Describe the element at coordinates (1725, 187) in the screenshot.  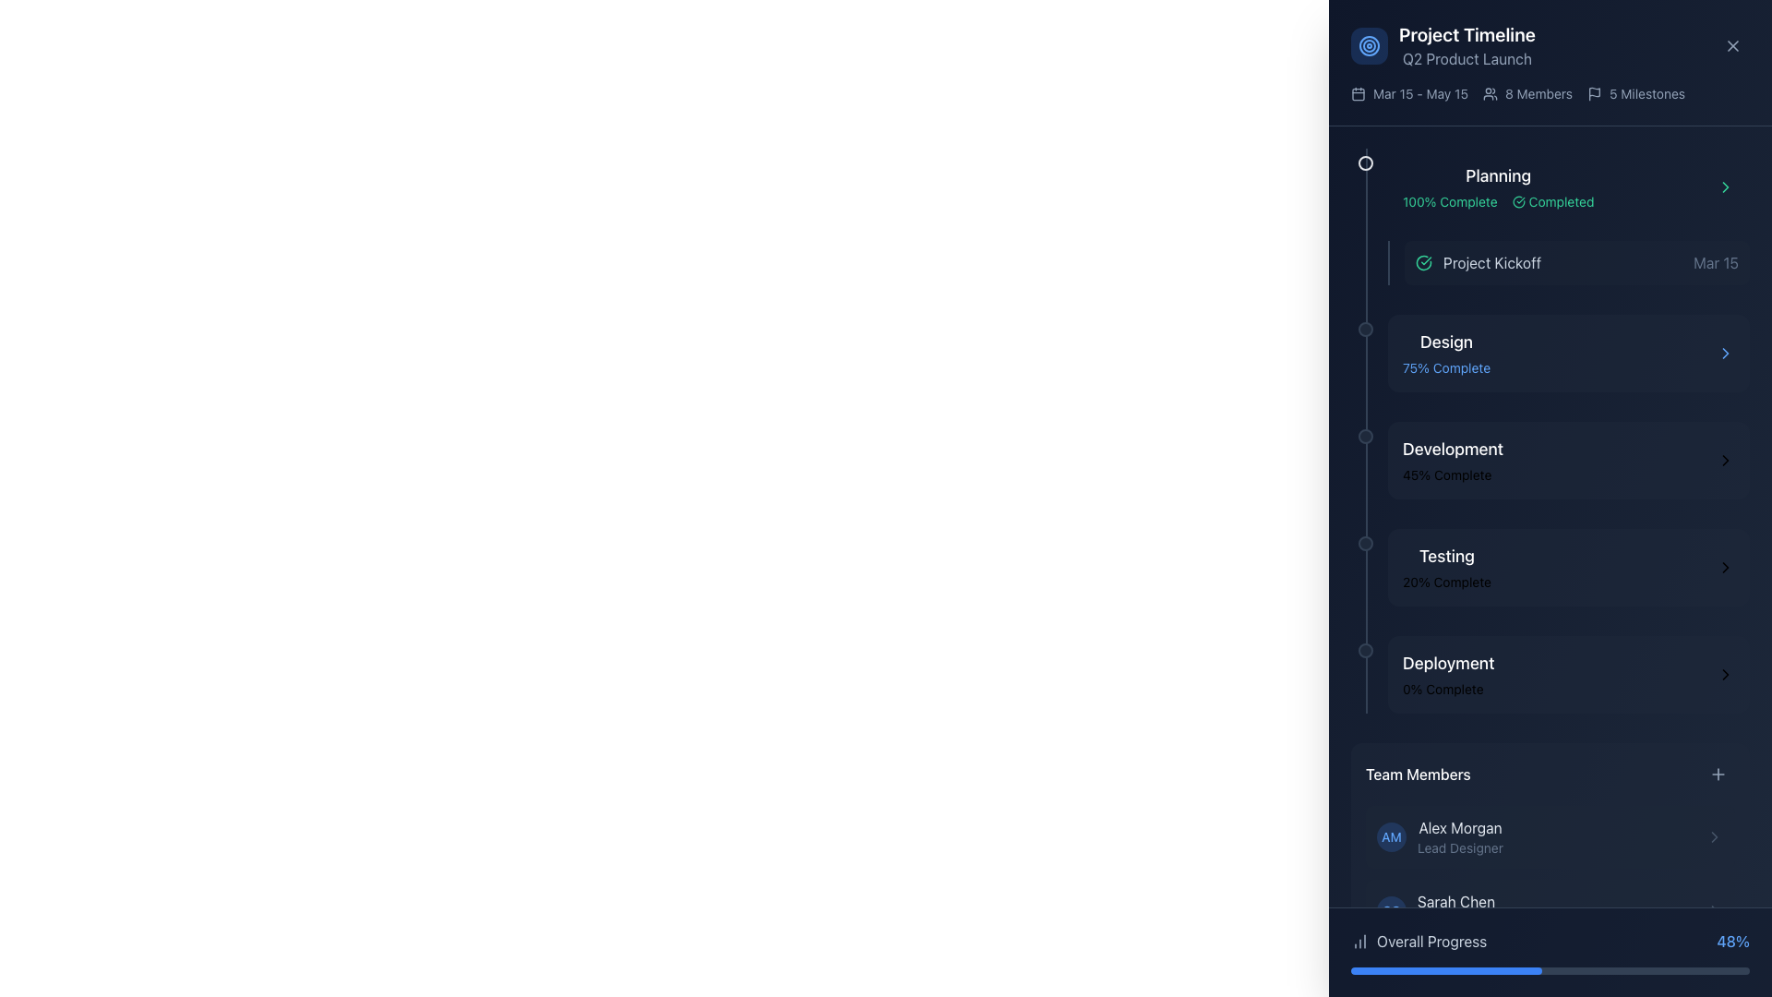
I see `the right-facing chevron icon located in the rightmost section of the 'Planning' card` at that location.